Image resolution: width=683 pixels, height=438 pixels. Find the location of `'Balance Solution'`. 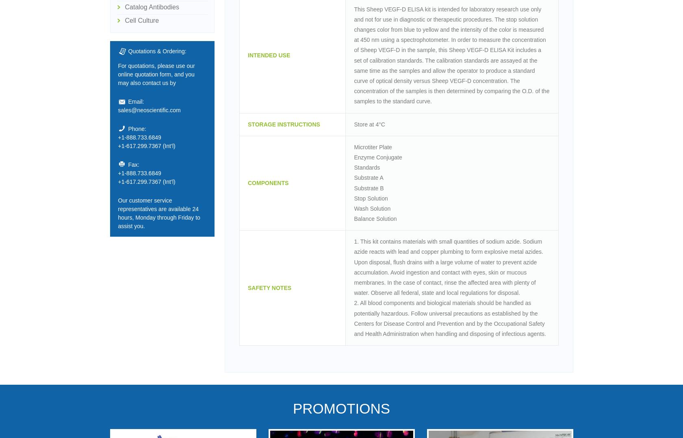

'Balance Solution' is located at coordinates (375, 218).